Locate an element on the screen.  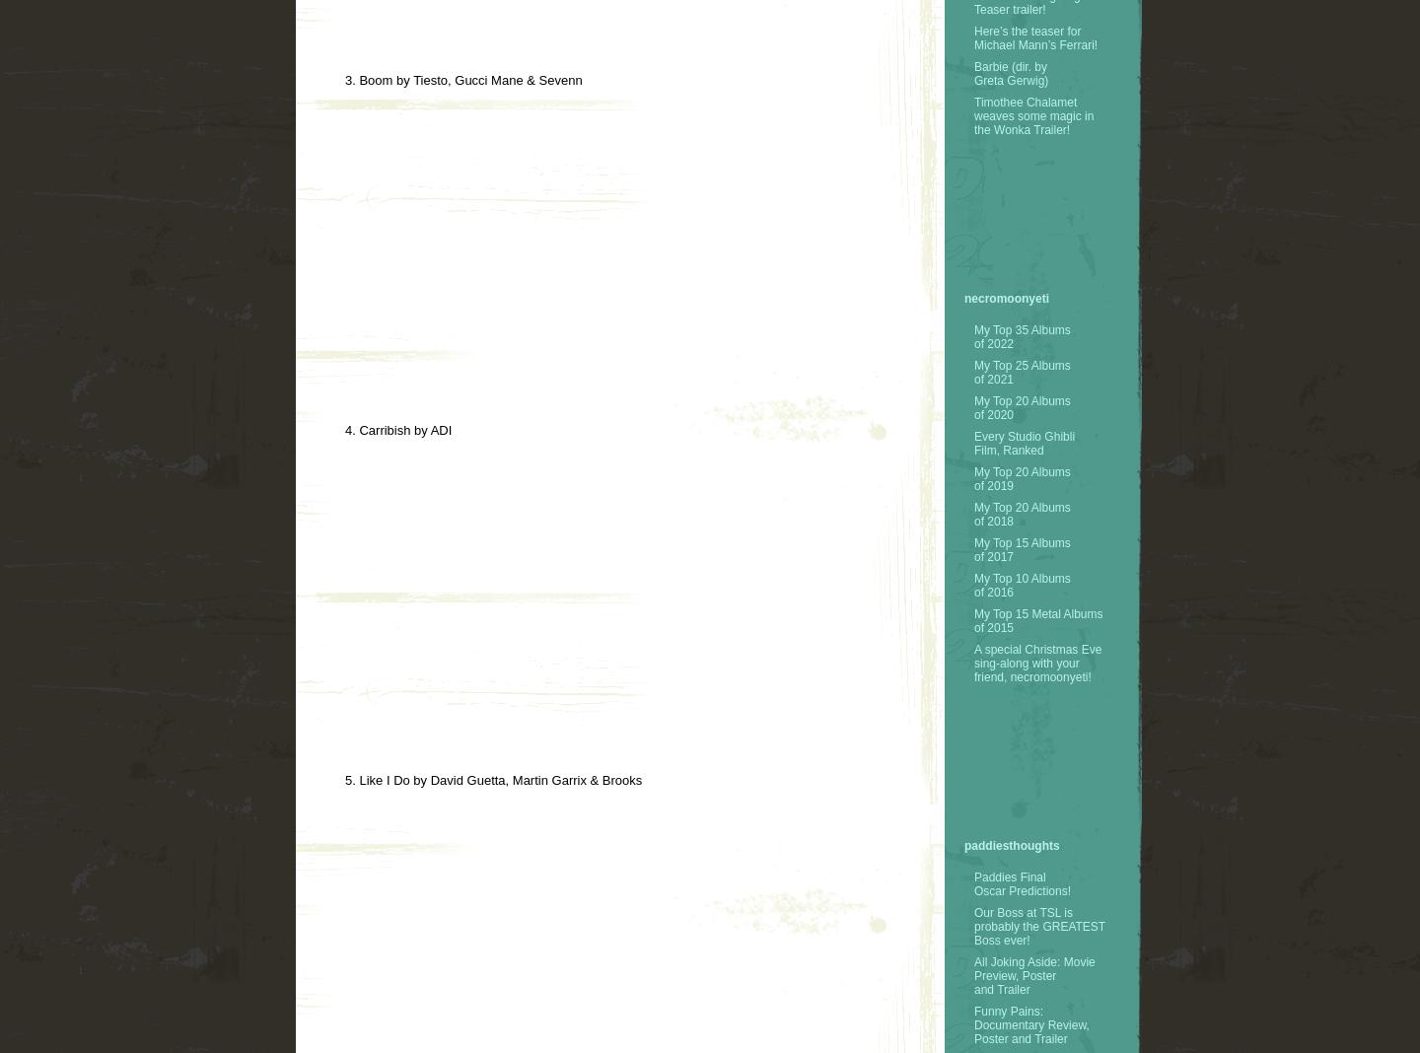
'My Top 15 Albums of 2017' is located at coordinates (972, 547).